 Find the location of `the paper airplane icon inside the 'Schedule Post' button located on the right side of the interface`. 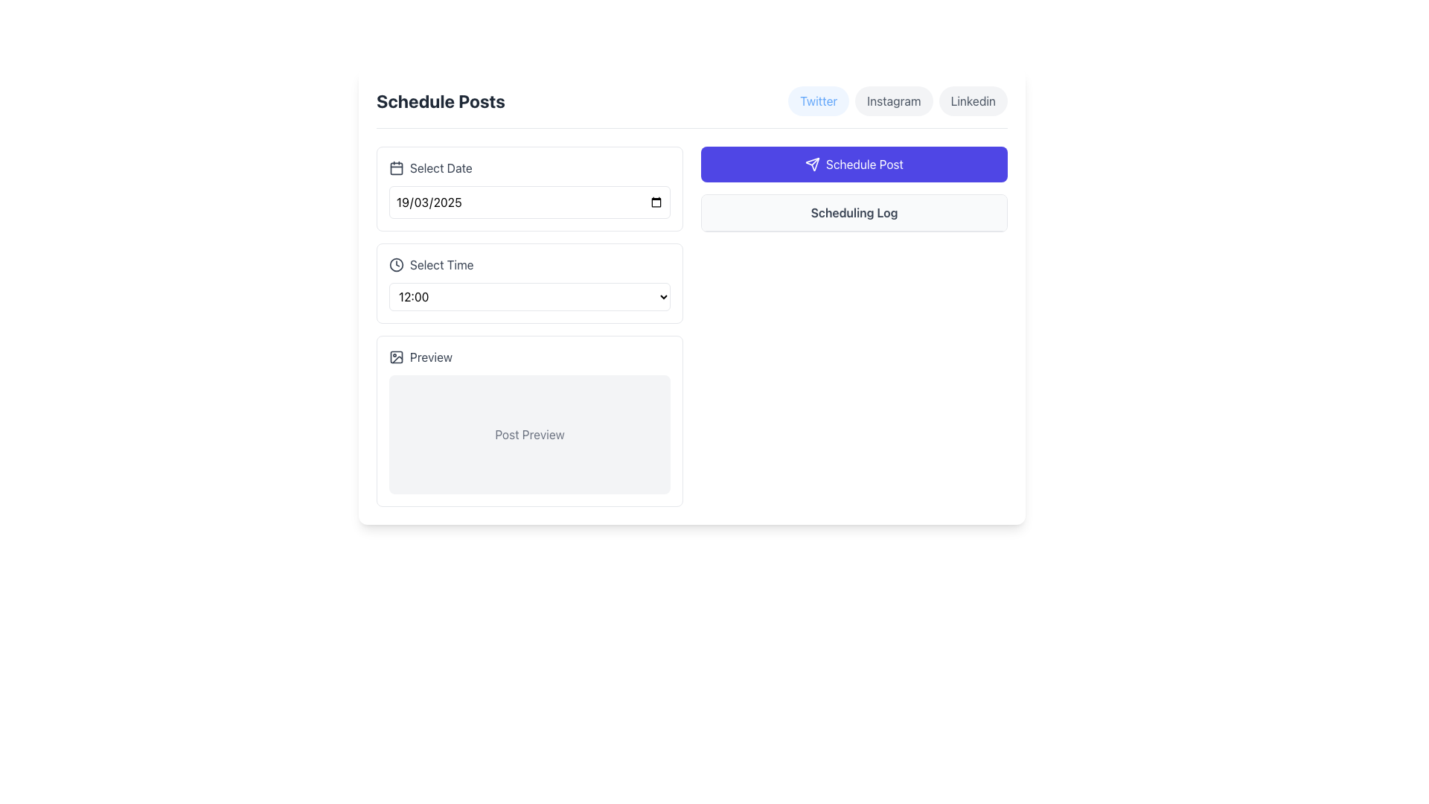

the paper airplane icon inside the 'Schedule Post' button located on the right side of the interface is located at coordinates (811, 164).